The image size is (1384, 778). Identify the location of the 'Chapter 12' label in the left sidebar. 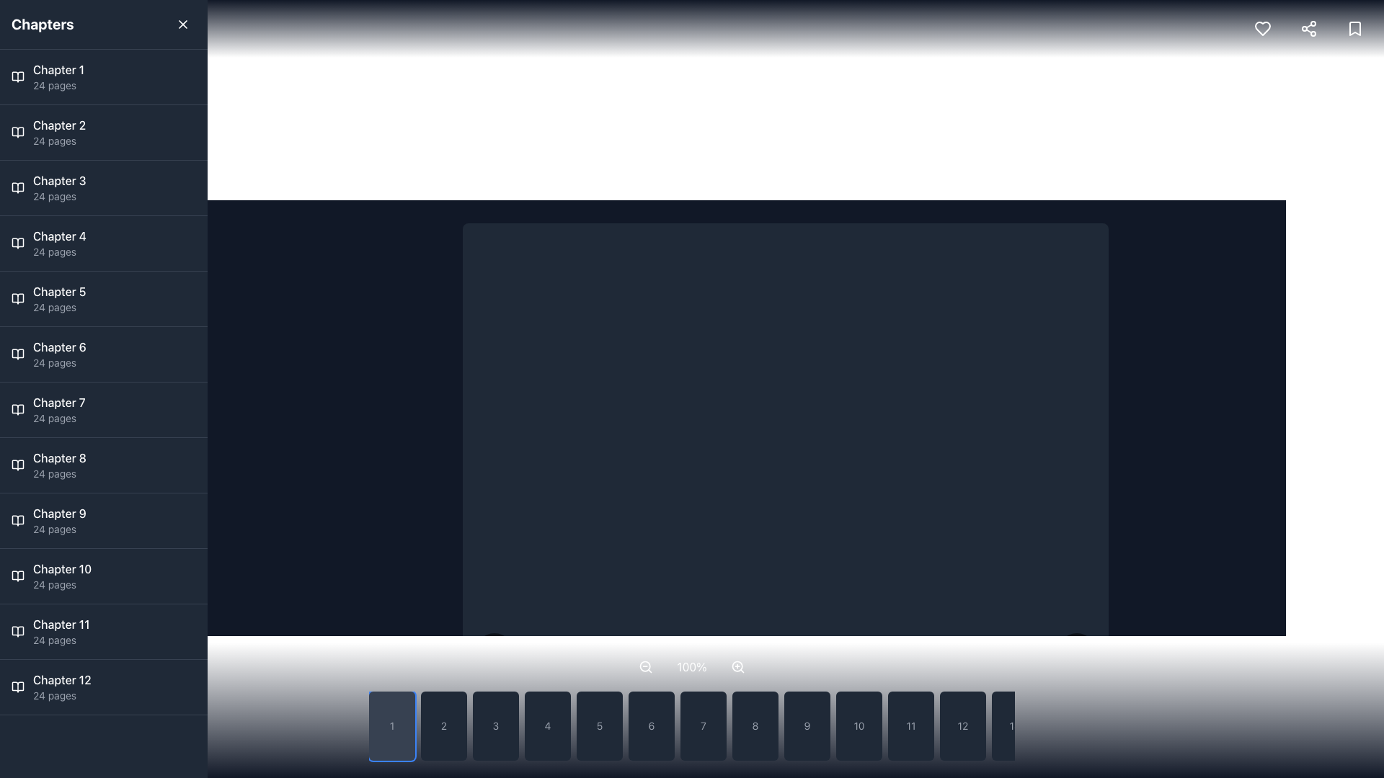
(61, 680).